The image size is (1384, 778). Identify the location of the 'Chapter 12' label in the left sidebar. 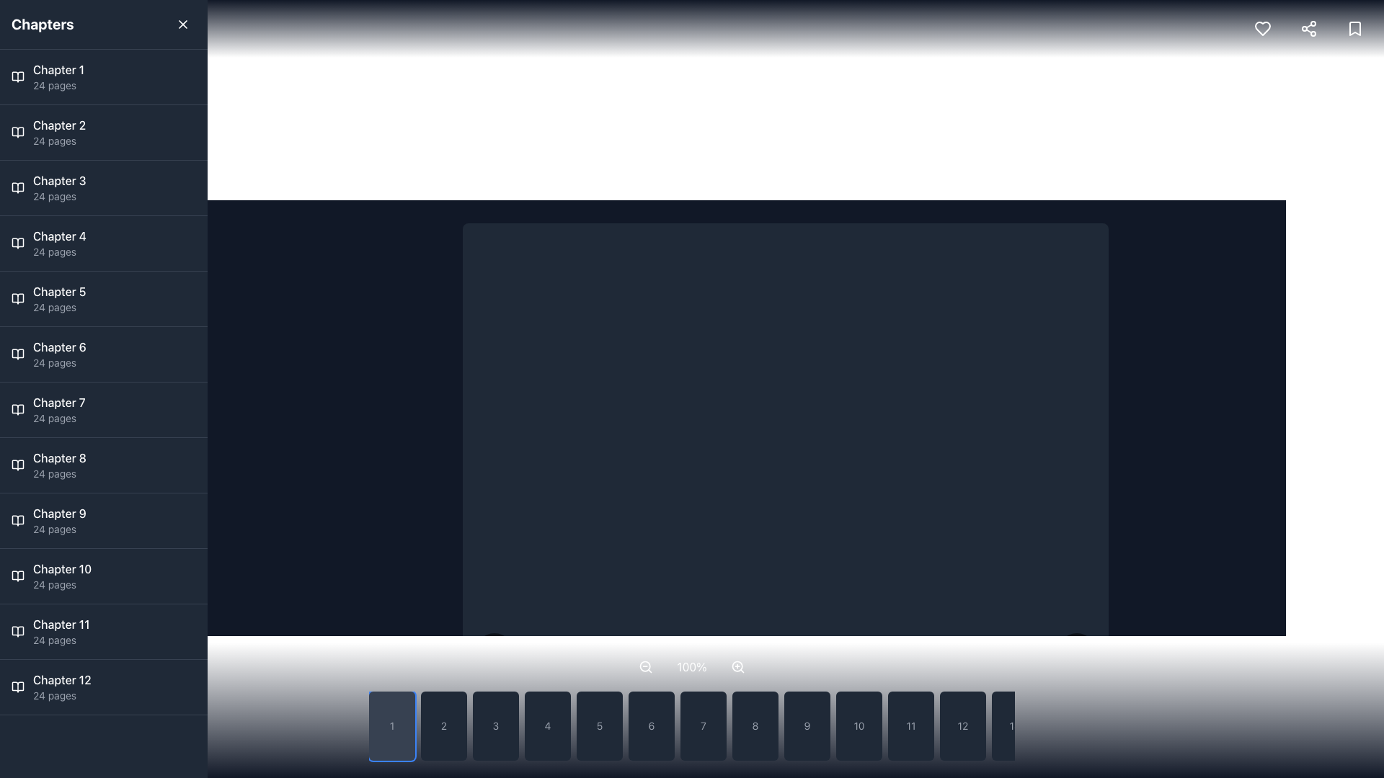
(61, 680).